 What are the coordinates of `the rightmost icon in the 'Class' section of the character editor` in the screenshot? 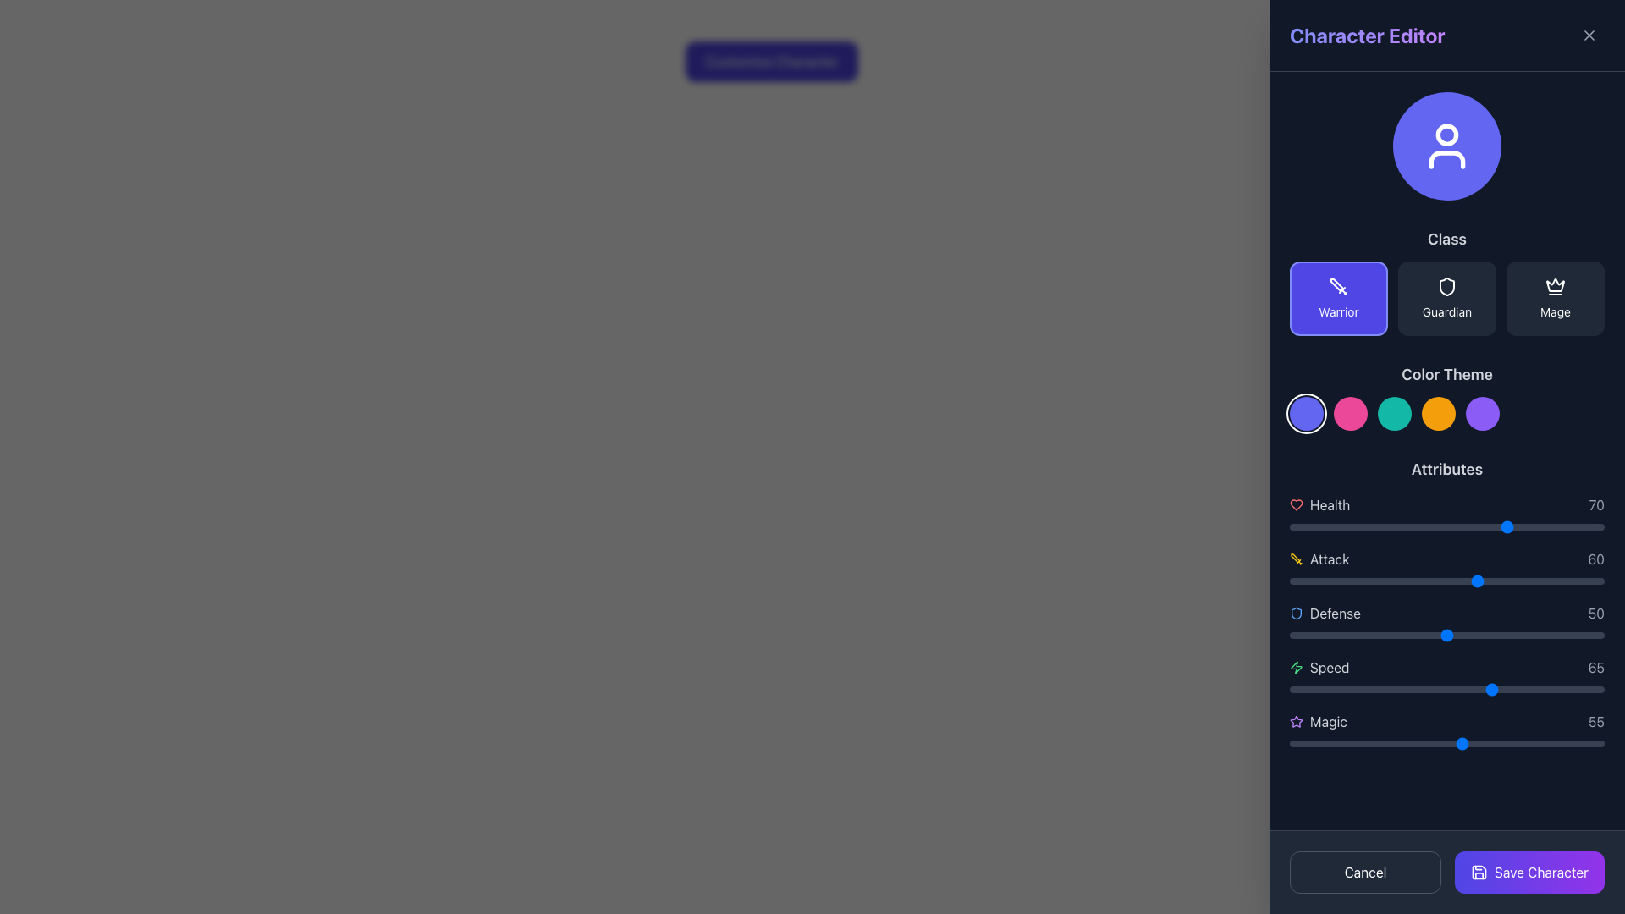 It's located at (1556, 284).